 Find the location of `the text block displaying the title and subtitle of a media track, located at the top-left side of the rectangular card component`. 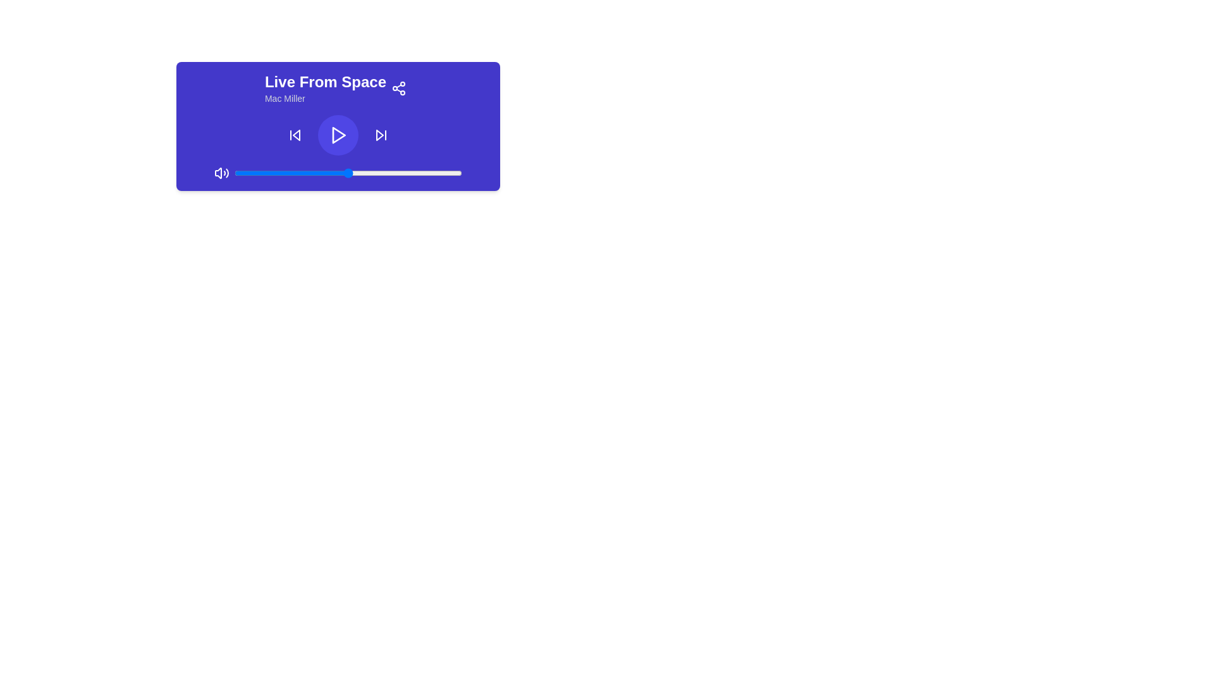

the text block displaying the title and subtitle of a media track, located at the top-left side of the rectangular card component is located at coordinates (325, 87).